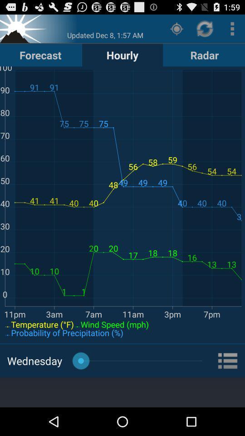 This screenshot has width=245, height=436. I want to click on button to the right of forecast, so click(122, 54).